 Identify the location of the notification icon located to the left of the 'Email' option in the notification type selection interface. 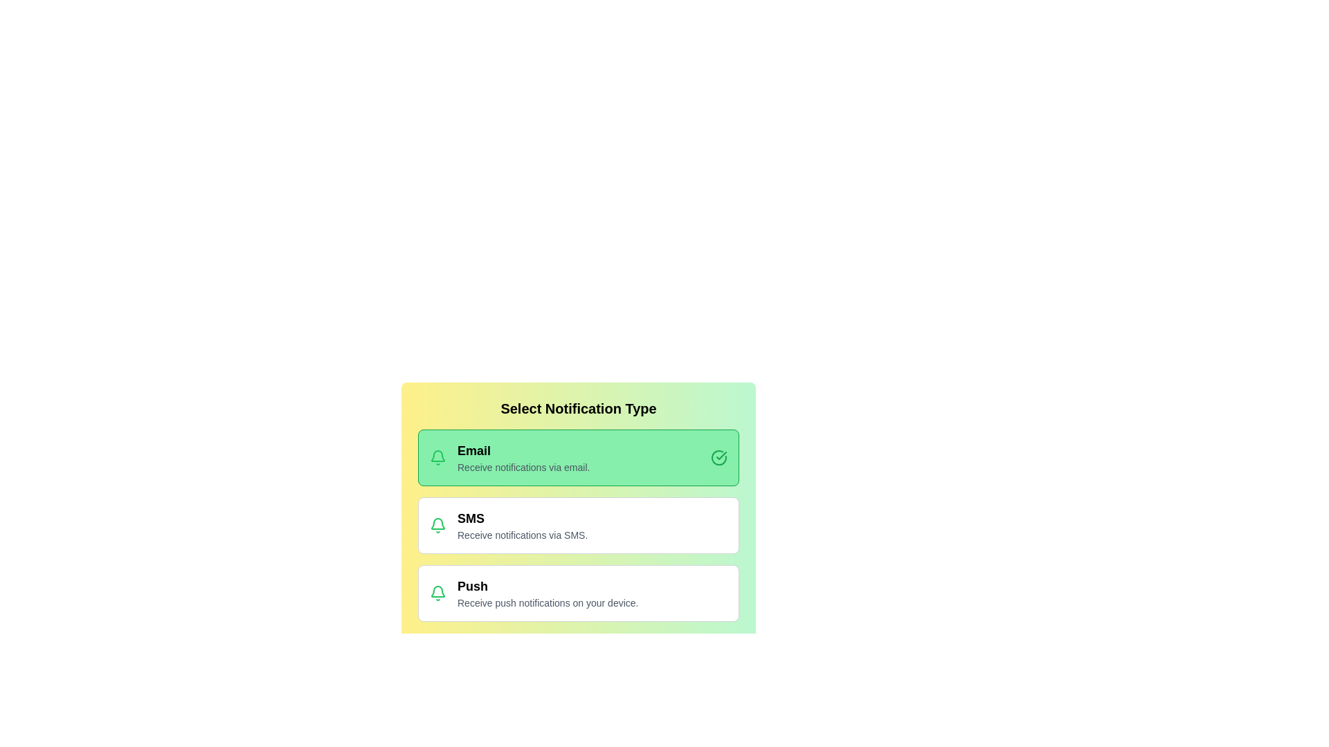
(437, 591).